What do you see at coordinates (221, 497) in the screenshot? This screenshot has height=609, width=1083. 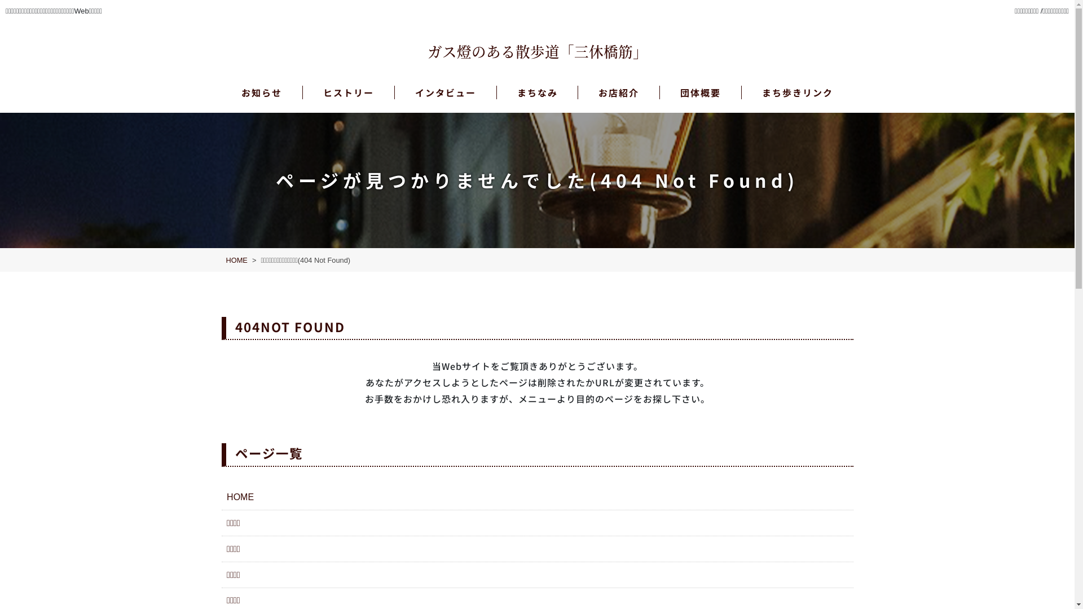 I see `'HOME'` at bounding box center [221, 497].